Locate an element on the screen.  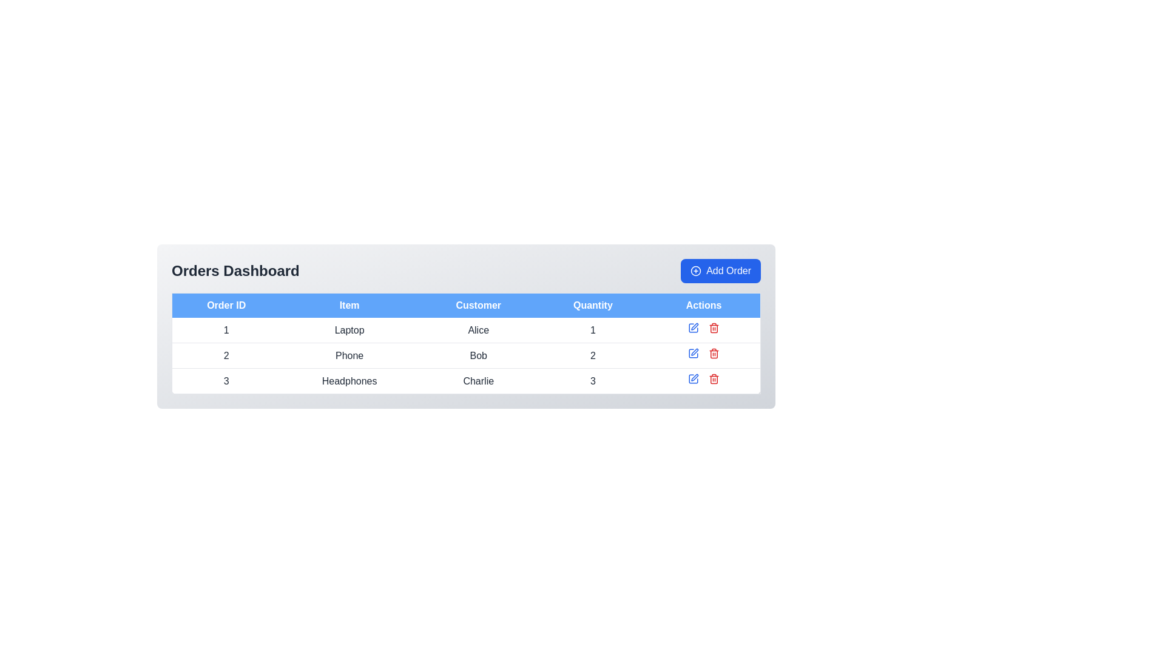
the edit button icon in the Actions column of the table row is located at coordinates (695, 352).